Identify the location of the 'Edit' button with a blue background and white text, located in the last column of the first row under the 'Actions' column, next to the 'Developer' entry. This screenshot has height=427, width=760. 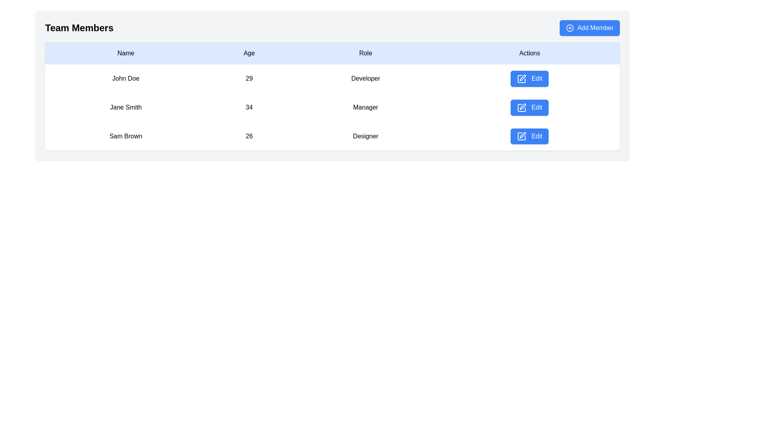
(530, 79).